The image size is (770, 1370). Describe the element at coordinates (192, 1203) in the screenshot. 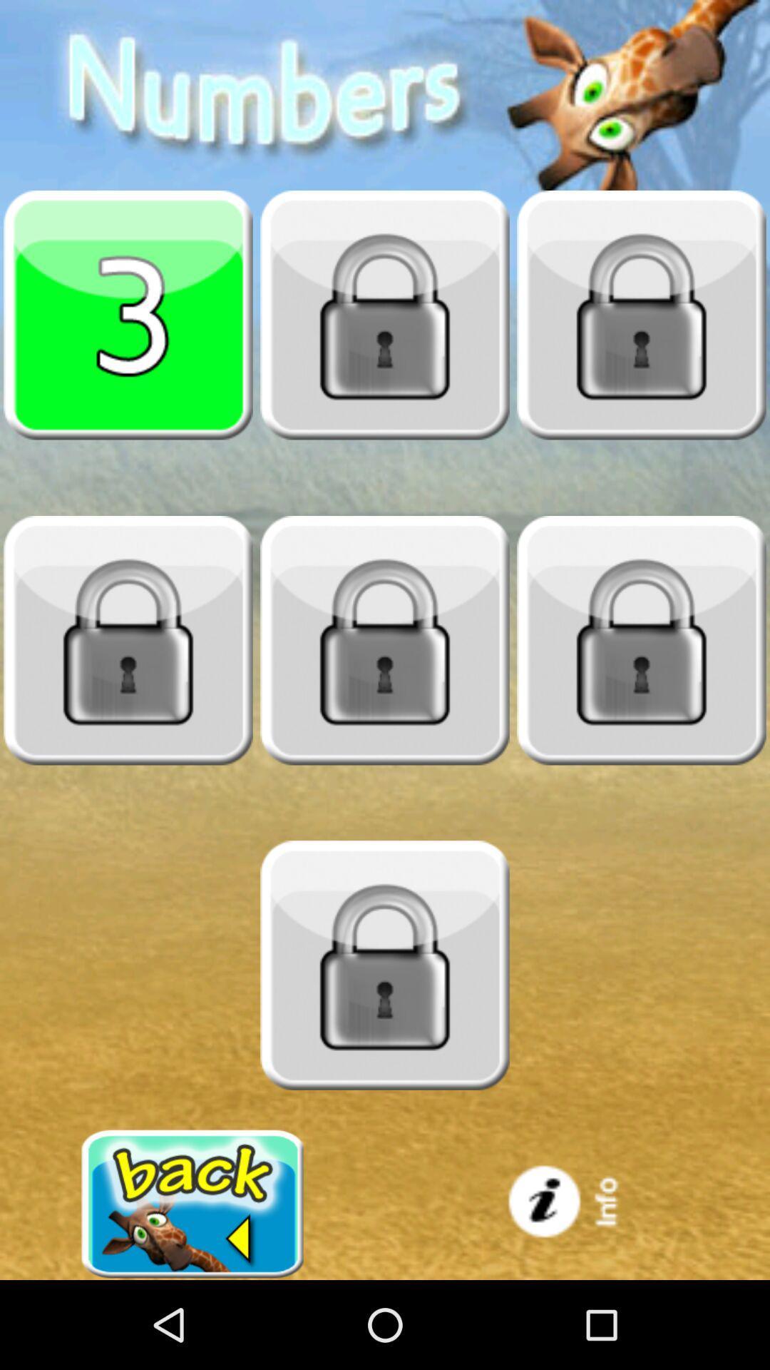

I see `back button` at that location.